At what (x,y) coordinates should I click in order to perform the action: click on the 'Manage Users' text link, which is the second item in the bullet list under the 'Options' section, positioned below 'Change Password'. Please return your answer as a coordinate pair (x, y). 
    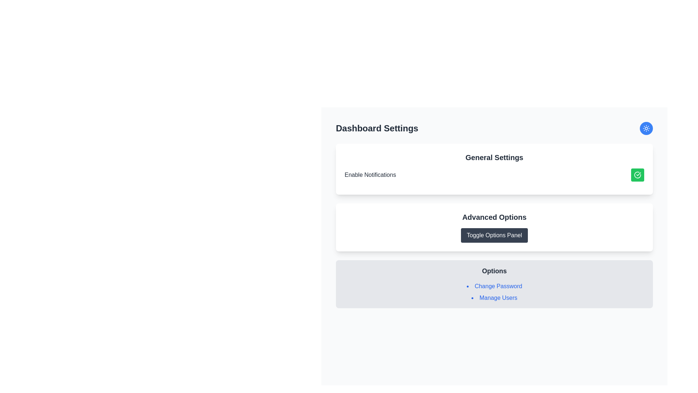
    Looking at the image, I should click on (494, 298).